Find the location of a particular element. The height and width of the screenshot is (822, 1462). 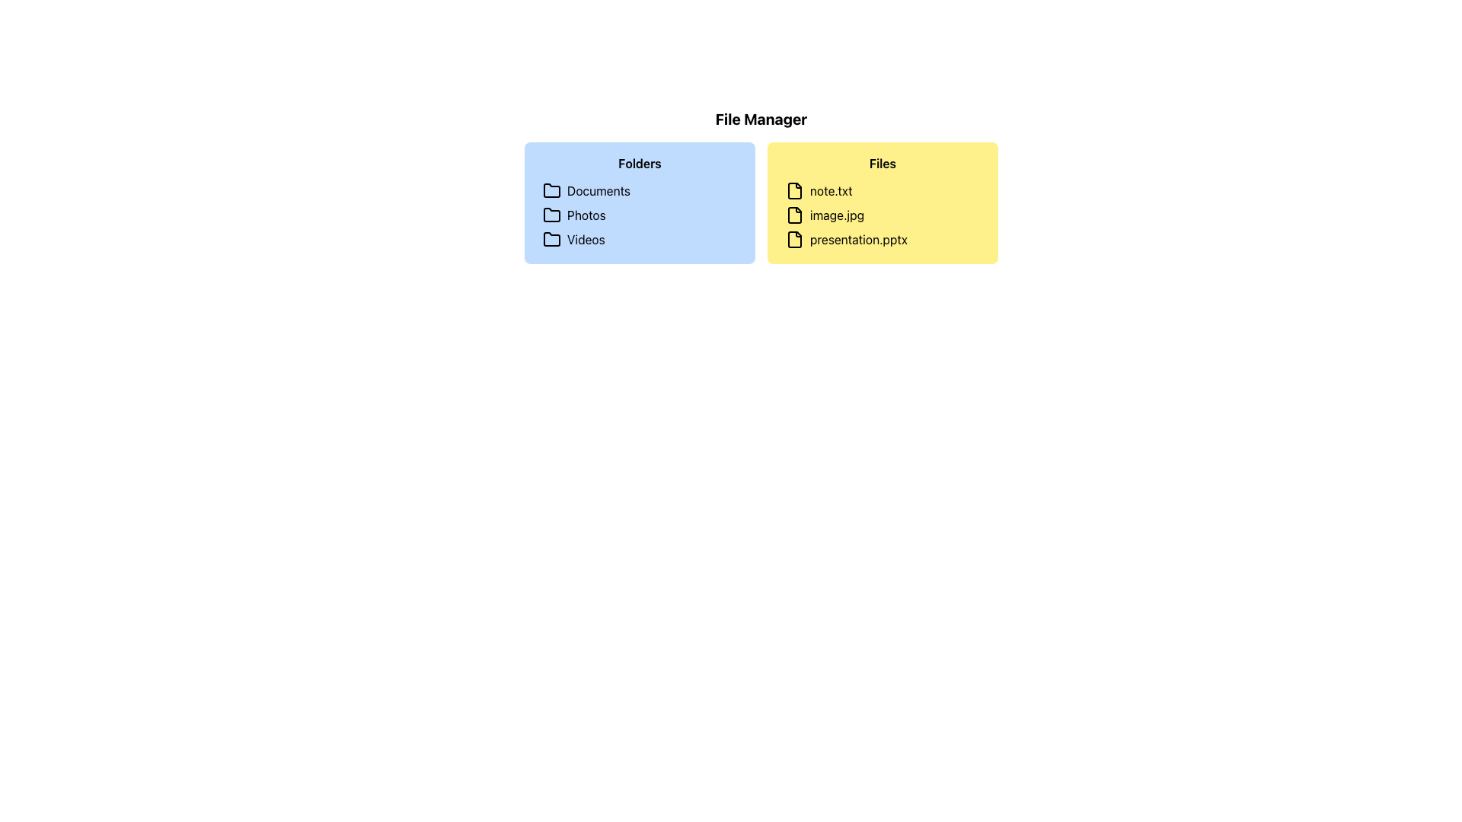

the file icon labeled 'image.jpg', which has a document-like shape with a bent corner is located at coordinates (793, 215).